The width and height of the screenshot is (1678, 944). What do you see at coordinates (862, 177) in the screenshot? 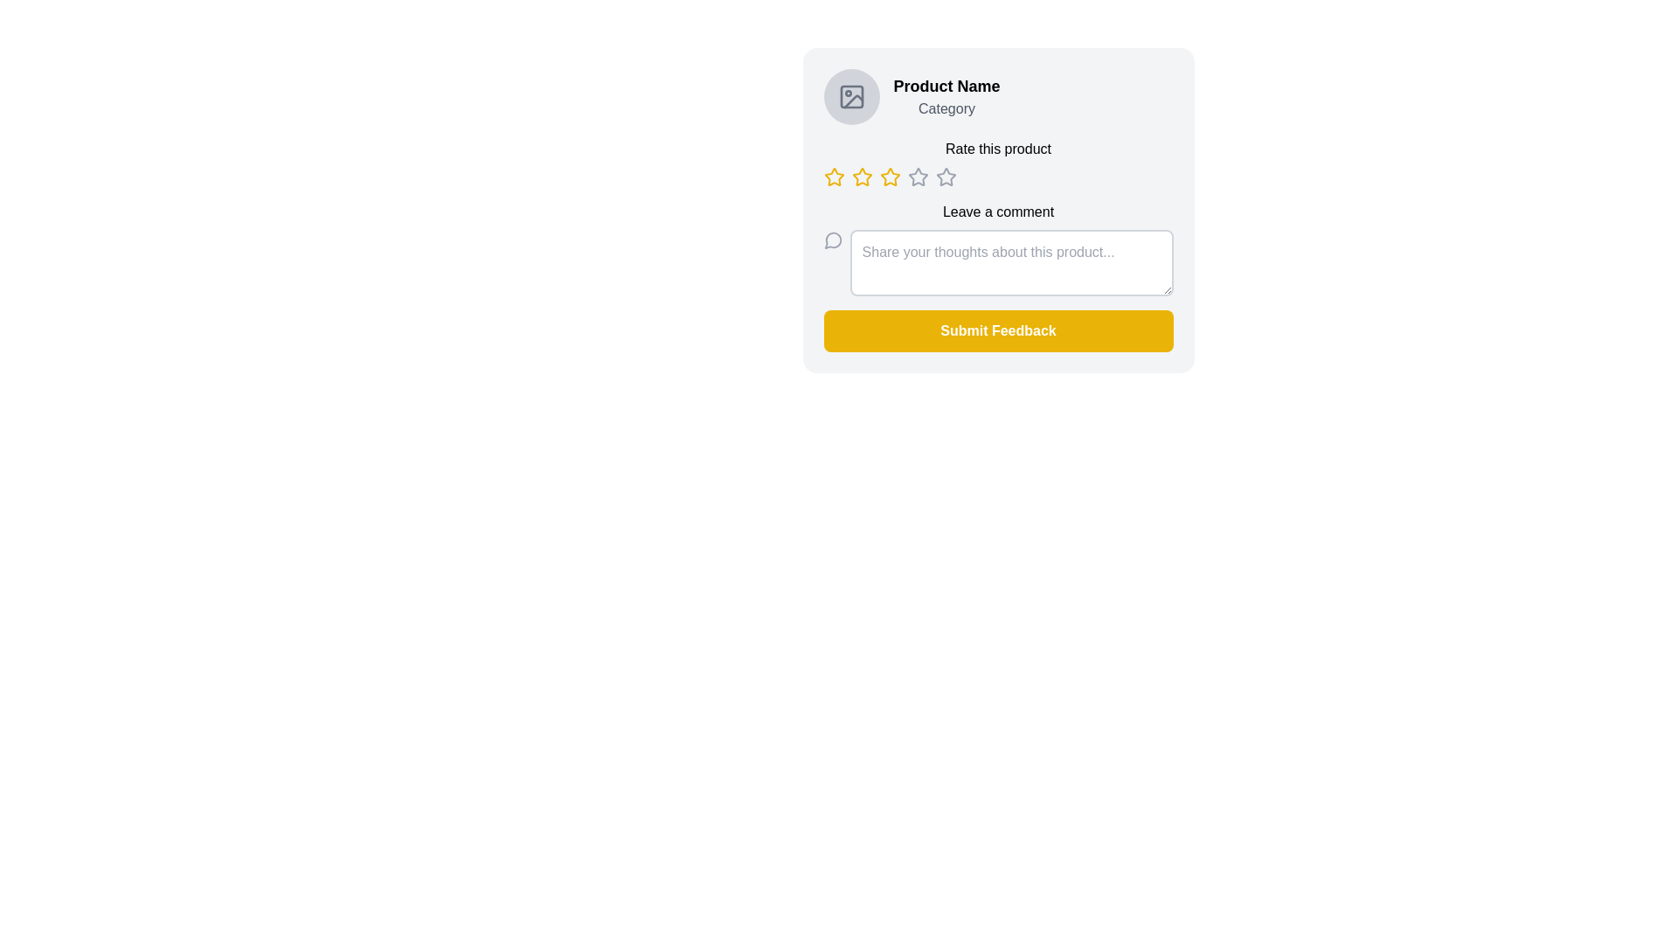
I see `the second star in the interactive star rating icon` at bounding box center [862, 177].